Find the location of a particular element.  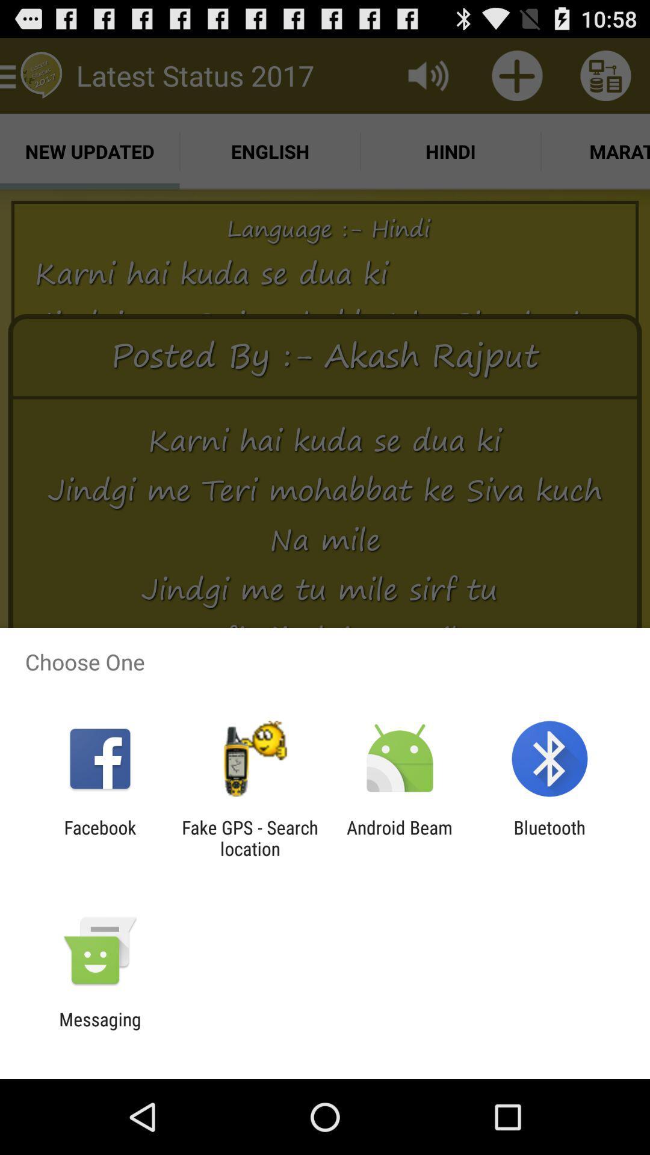

the fake gps search item is located at coordinates (249, 837).